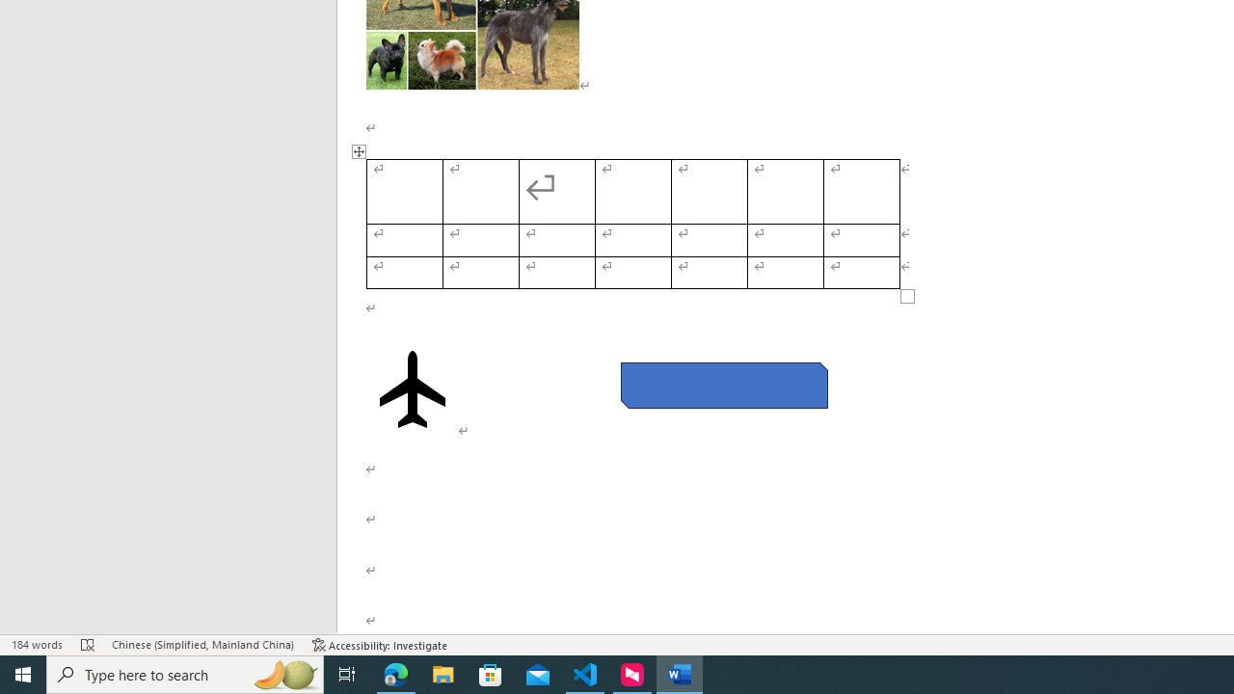  I want to click on 'Rectangle: Diagonal Corners Snipped 2', so click(723, 385).